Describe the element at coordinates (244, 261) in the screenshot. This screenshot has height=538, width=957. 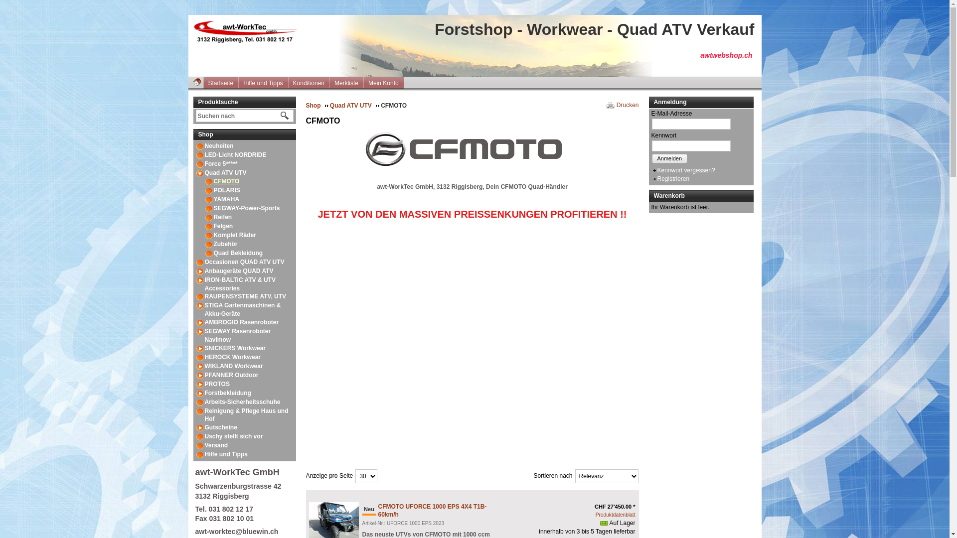
I see `'Occasionen QUAD ATV UTV'` at that location.